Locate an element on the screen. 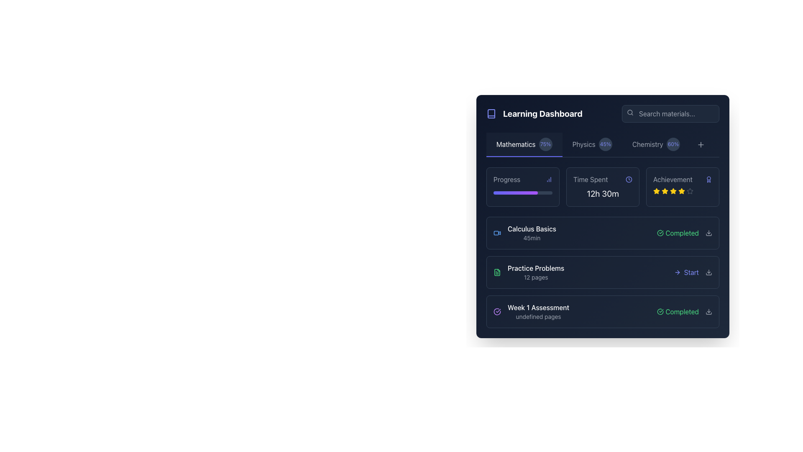  the icon that represents the 'Learning Dashboard' section, located to the left of the bold title text 'Learning Dashboard' is located at coordinates (491, 114).